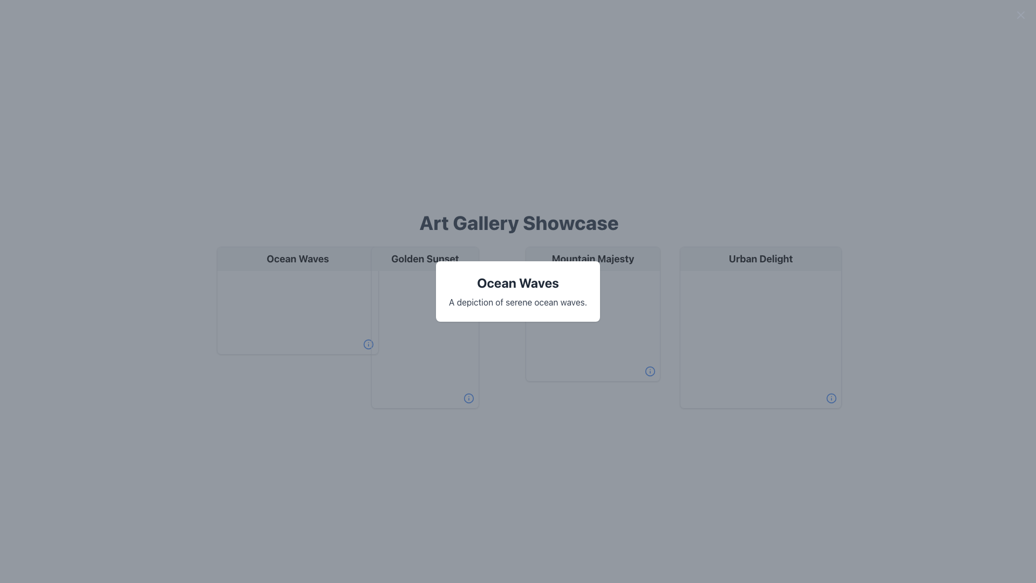  I want to click on the interactive information icon located in the bottom-right corner of the 'Mountain Majesty' card, so click(649, 370).